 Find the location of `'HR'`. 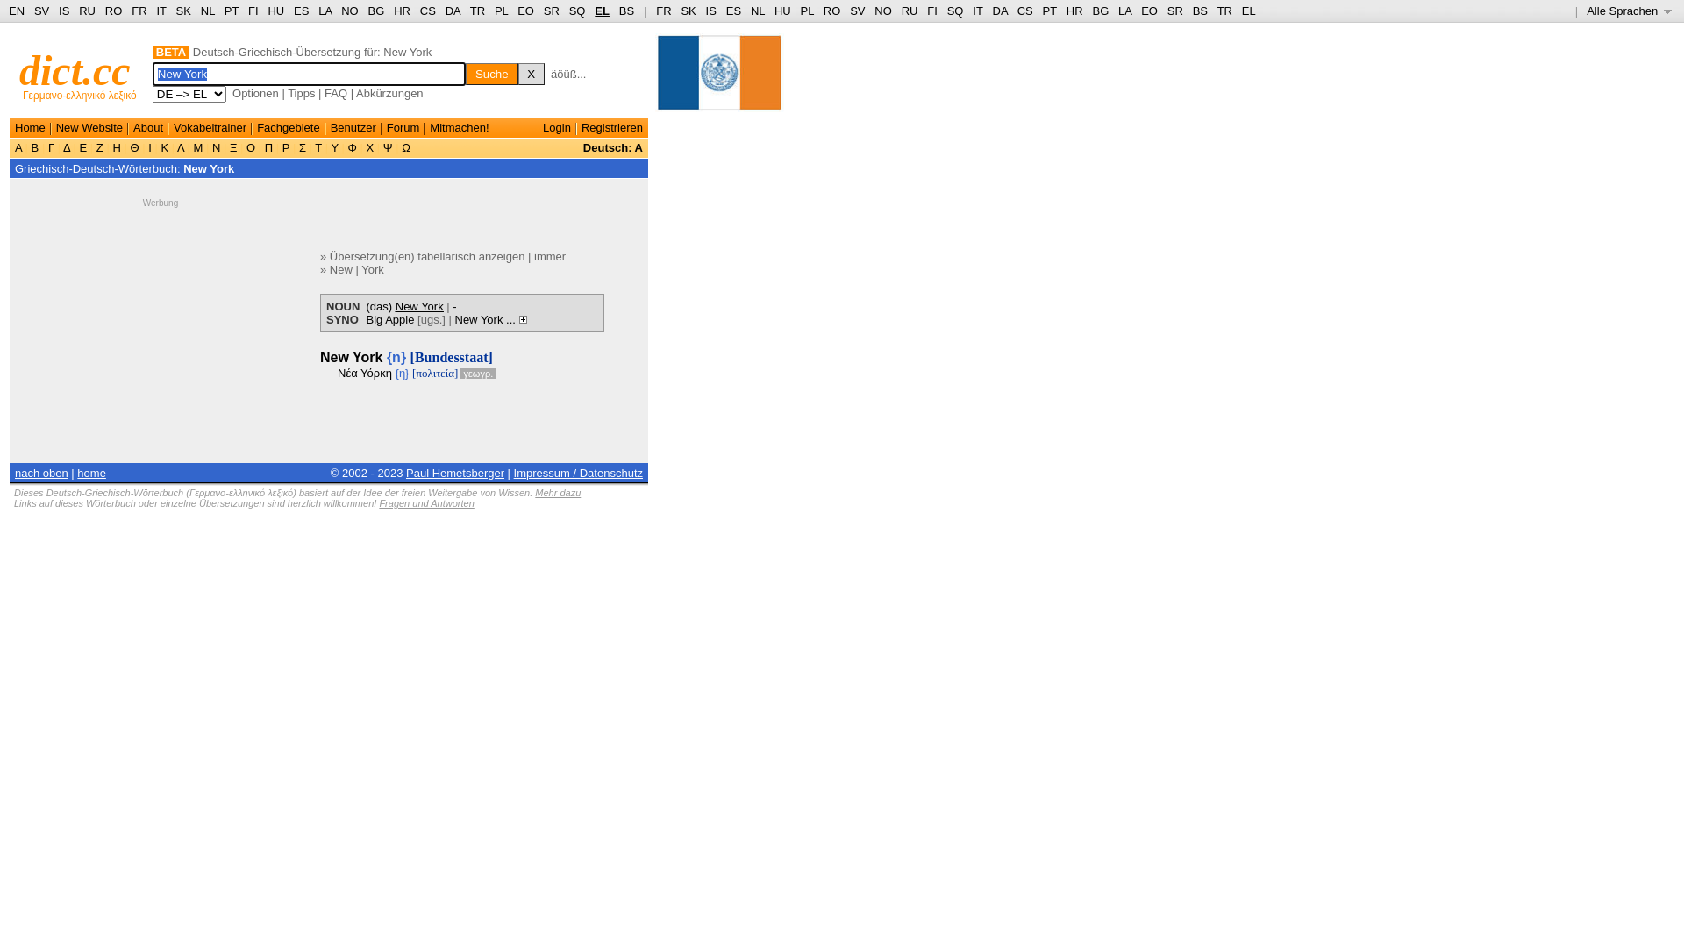

'HR' is located at coordinates (393, 11).